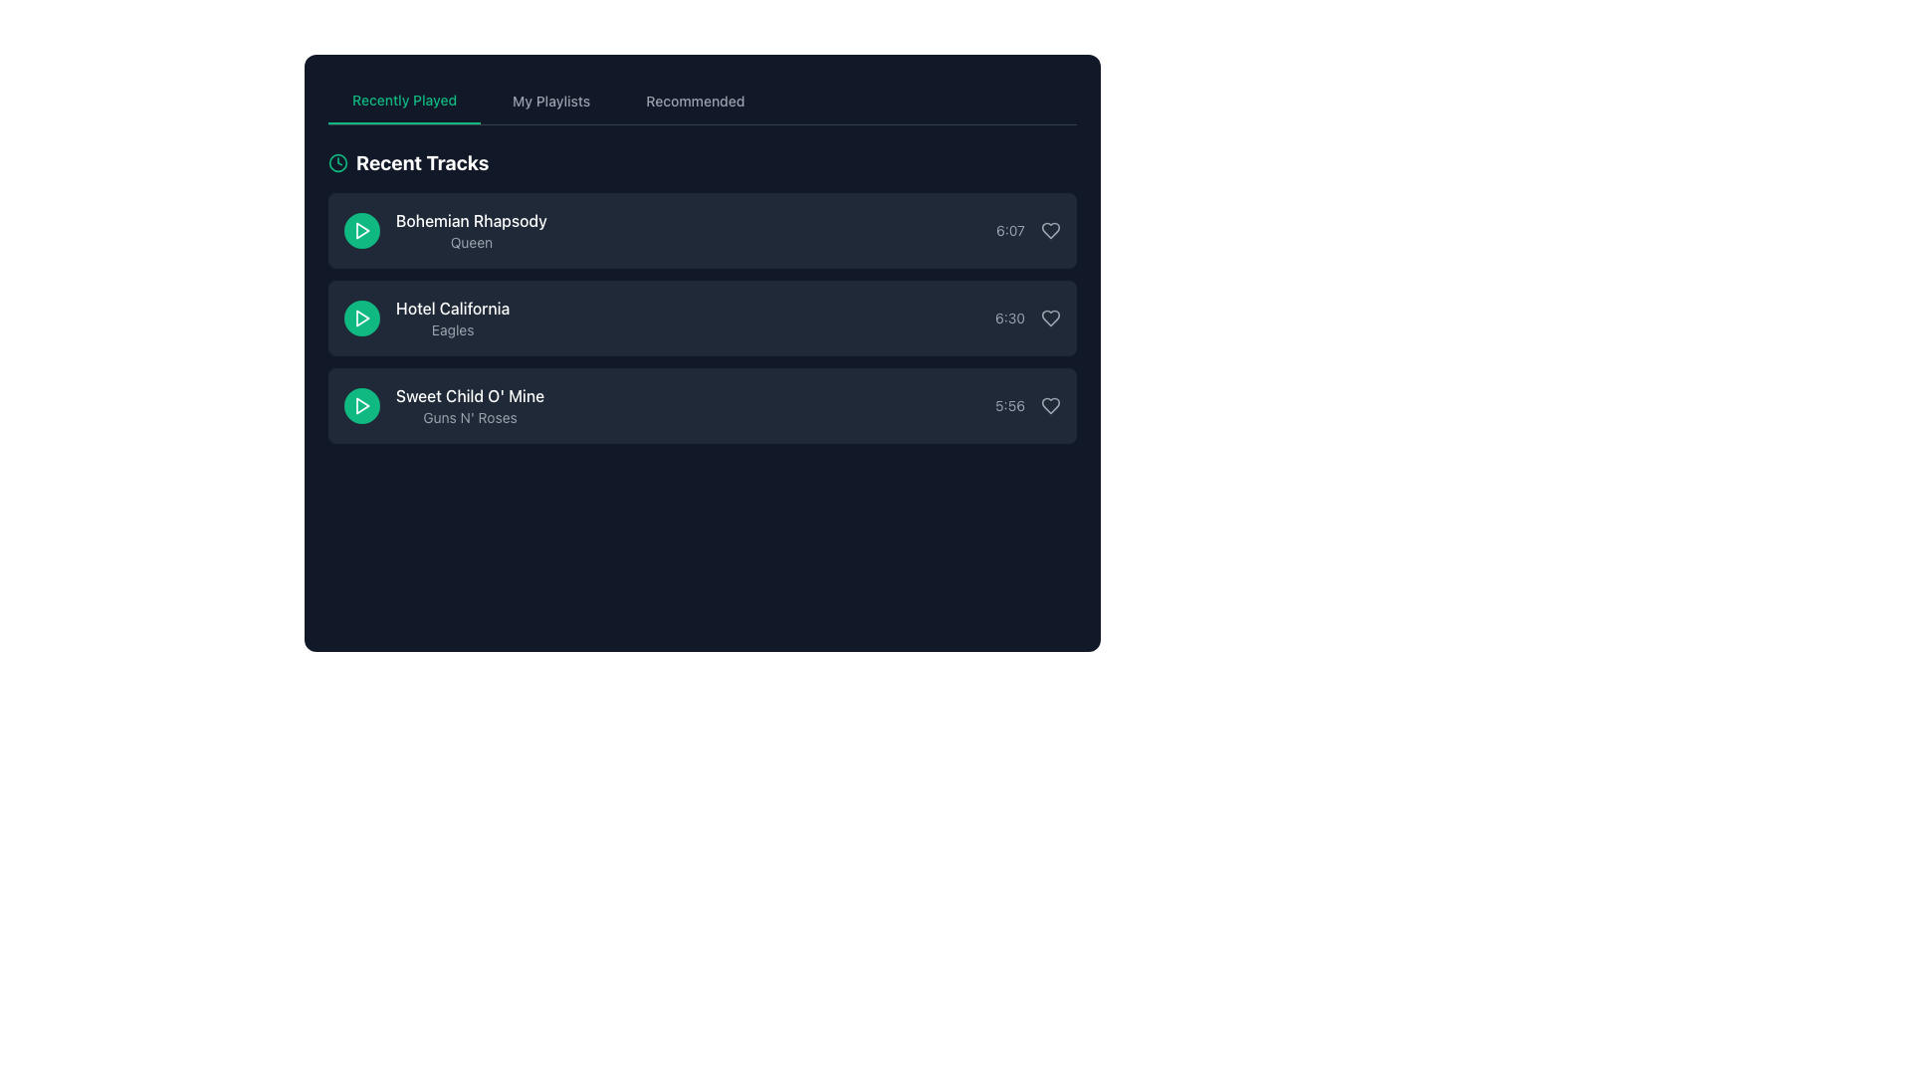 This screenshot has height=1075, width=1911. Describe the element at coordinates (362, 229) in the screenshot. I see `the circular green button with a white play icon associated with 'Bohemian Rhapsody' by 'Queen'` at that location.